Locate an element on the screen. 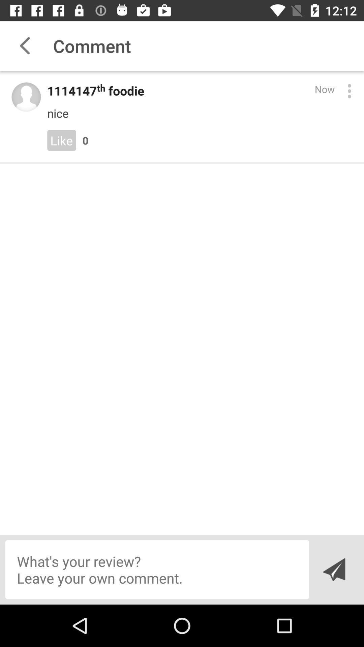  options is located at coordinates (349, 90).